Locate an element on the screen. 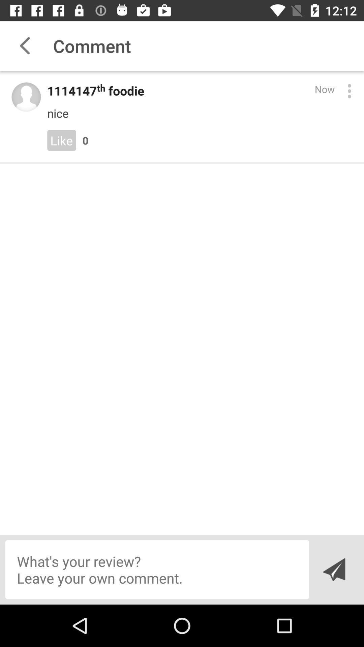  options is located at coordinates (349, 90).